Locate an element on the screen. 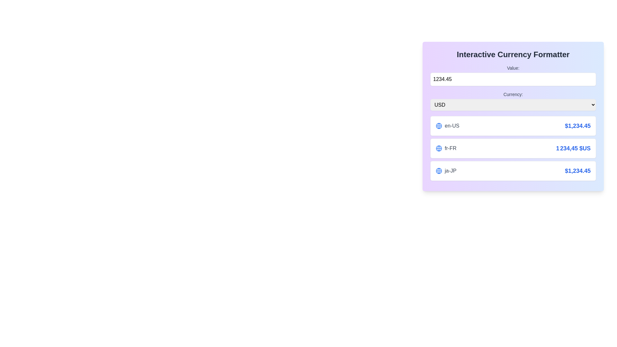 The height and width of the screenshot is (347, 617). the globe icon representing the English language or US region located to the left of the text label ('en-US') in the 'Interactive Currency Formatter' panel is located at coordinates (439, 126).